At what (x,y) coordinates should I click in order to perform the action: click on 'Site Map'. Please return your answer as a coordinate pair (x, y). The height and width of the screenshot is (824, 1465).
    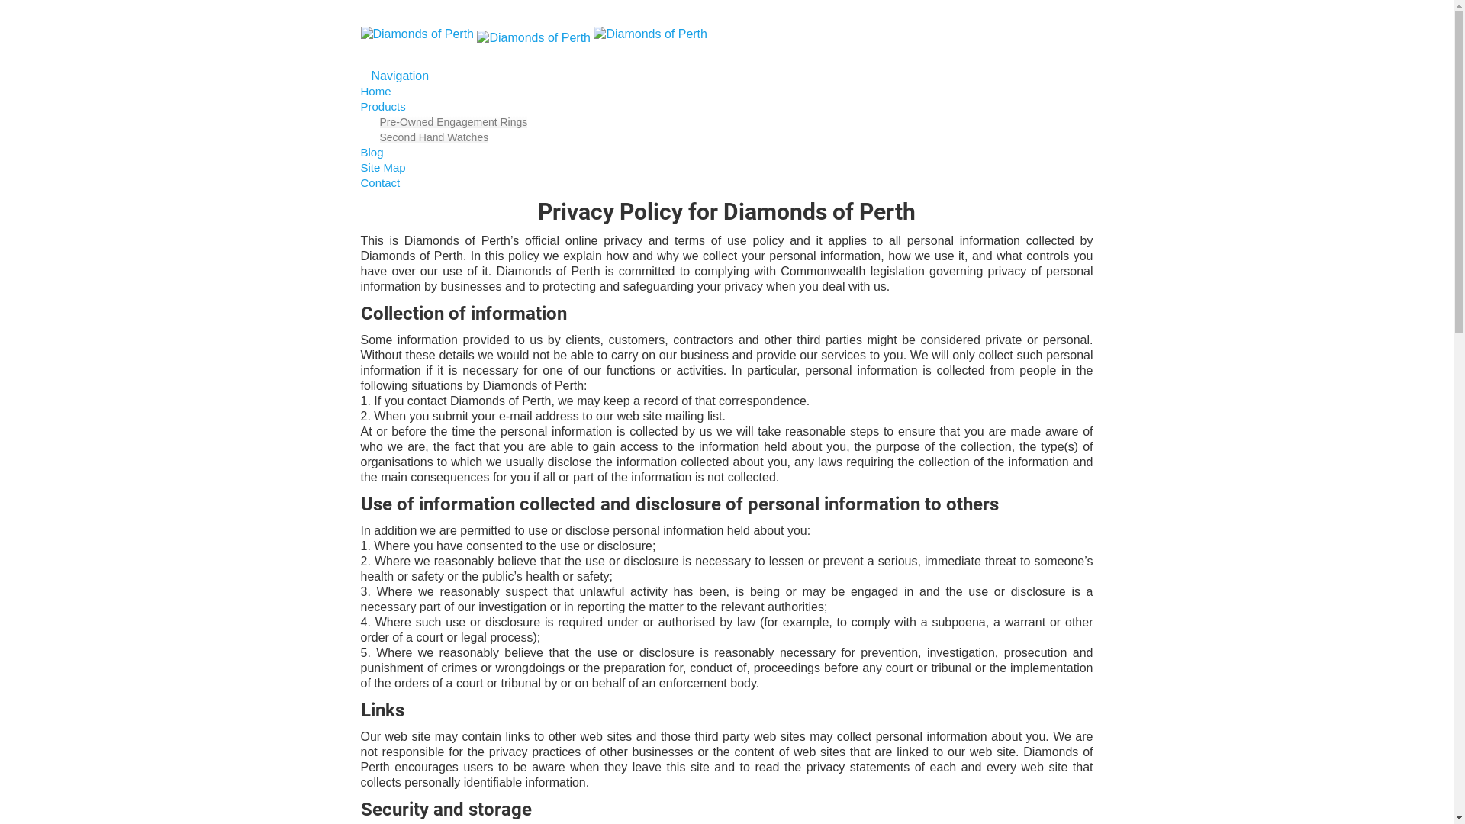
    Looking at the image, I should click on (382, 167).